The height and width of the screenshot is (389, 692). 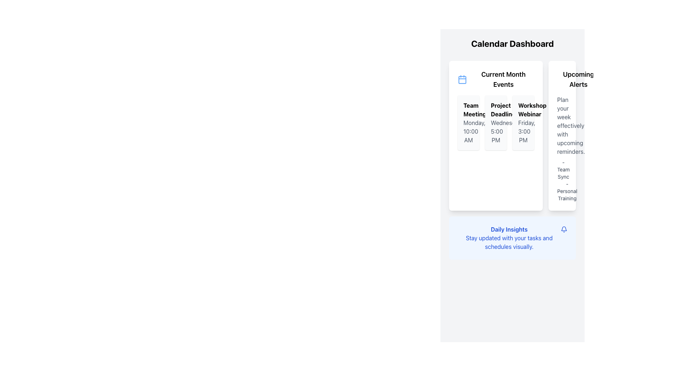 I want to click on the text label displaying '- Personal Training' which is formatted in a small gray font and aligned beneath the '- Team Sync' label in the Upcoming Alerts section, so click(x=562, y=191).